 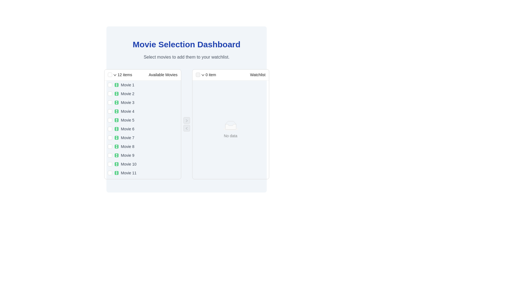 I want to click on the 'No data' text label located in the 'Watchlist' panel, positioned directly below the empty folder icon, so click(x=230, y=136).